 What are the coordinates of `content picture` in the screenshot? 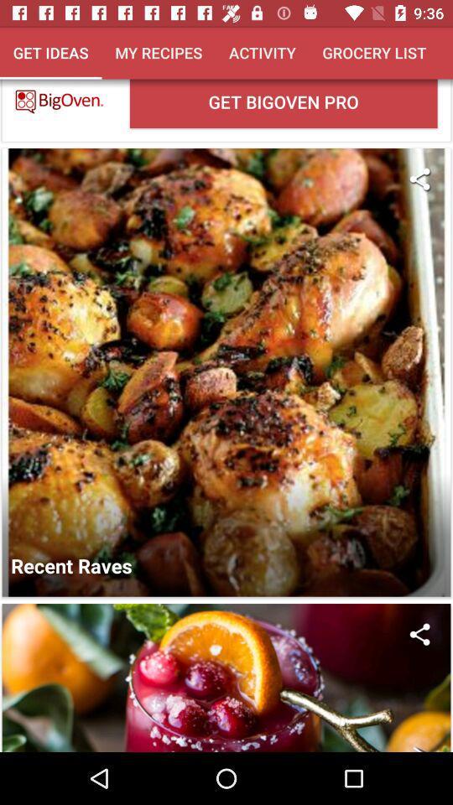 It's located at (226, 678).